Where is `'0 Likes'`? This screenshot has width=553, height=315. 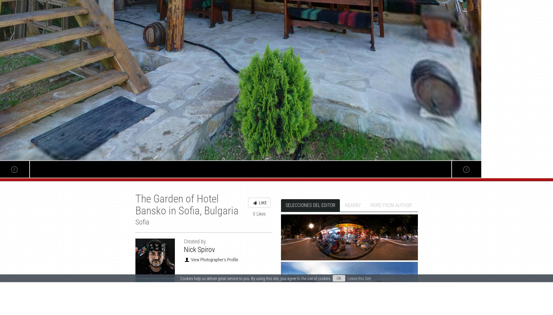 '0 Likes' is located at coordinates (253, 213).